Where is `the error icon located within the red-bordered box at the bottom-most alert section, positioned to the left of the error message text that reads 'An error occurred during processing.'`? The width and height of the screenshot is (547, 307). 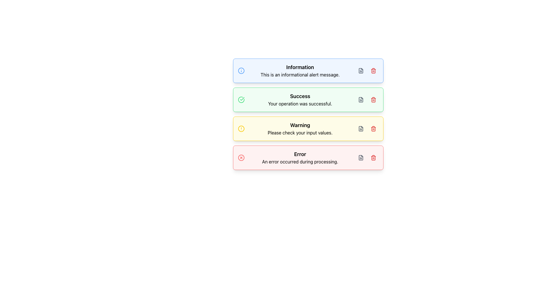 the error icon located within the red-bordered box at the bottom-most alert section, positioned to the left of the error message text that reads 'An error occurred during processing.' is located at coordinates (241, 158).